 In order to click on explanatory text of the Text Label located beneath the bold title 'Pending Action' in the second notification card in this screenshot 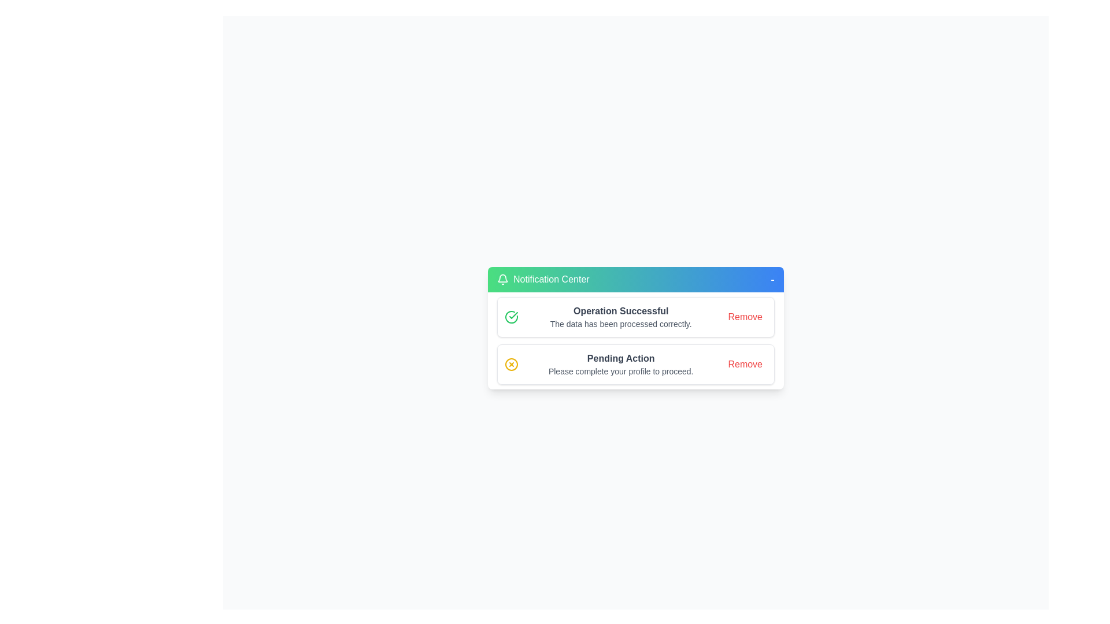, I will do `click(620, 372)`.